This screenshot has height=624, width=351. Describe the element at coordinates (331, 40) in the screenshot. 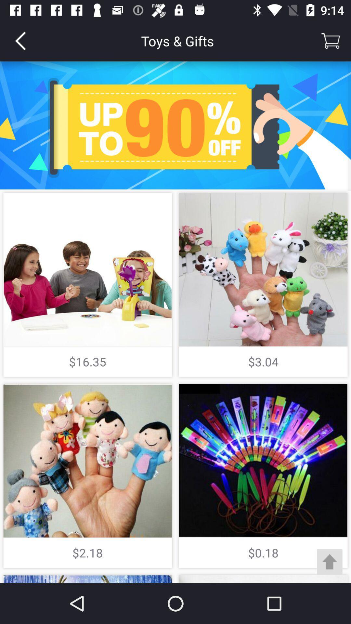

I see `the item next to the toys & gifts` at that location.